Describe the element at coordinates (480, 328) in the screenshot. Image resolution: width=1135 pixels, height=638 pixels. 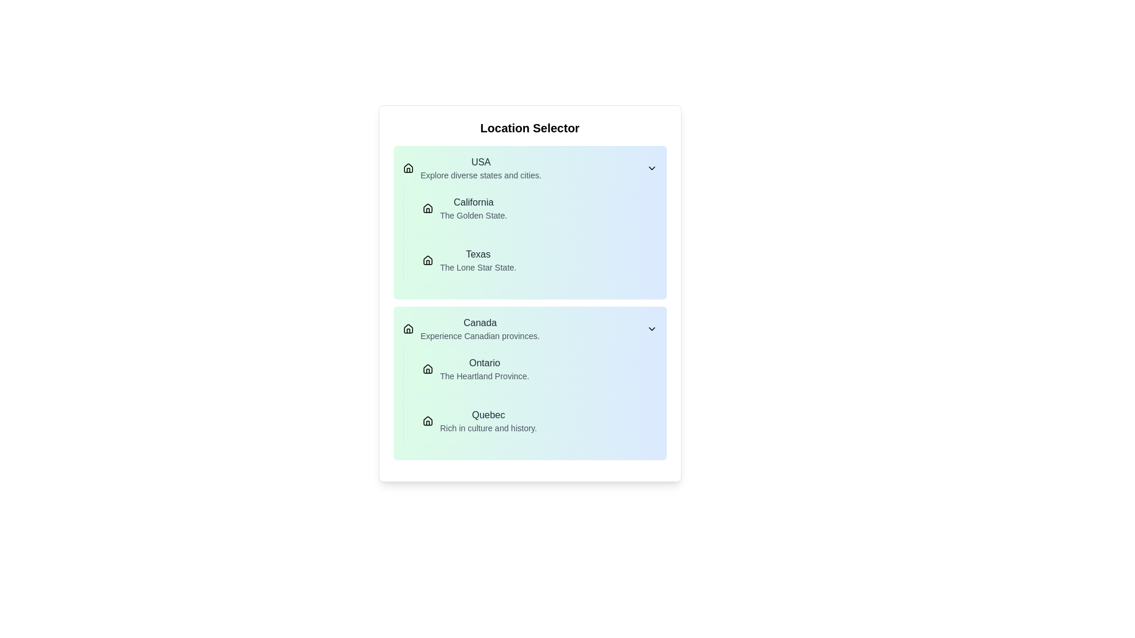
I see `the navigation option for 'Canada' in the Location Selector` at that location.